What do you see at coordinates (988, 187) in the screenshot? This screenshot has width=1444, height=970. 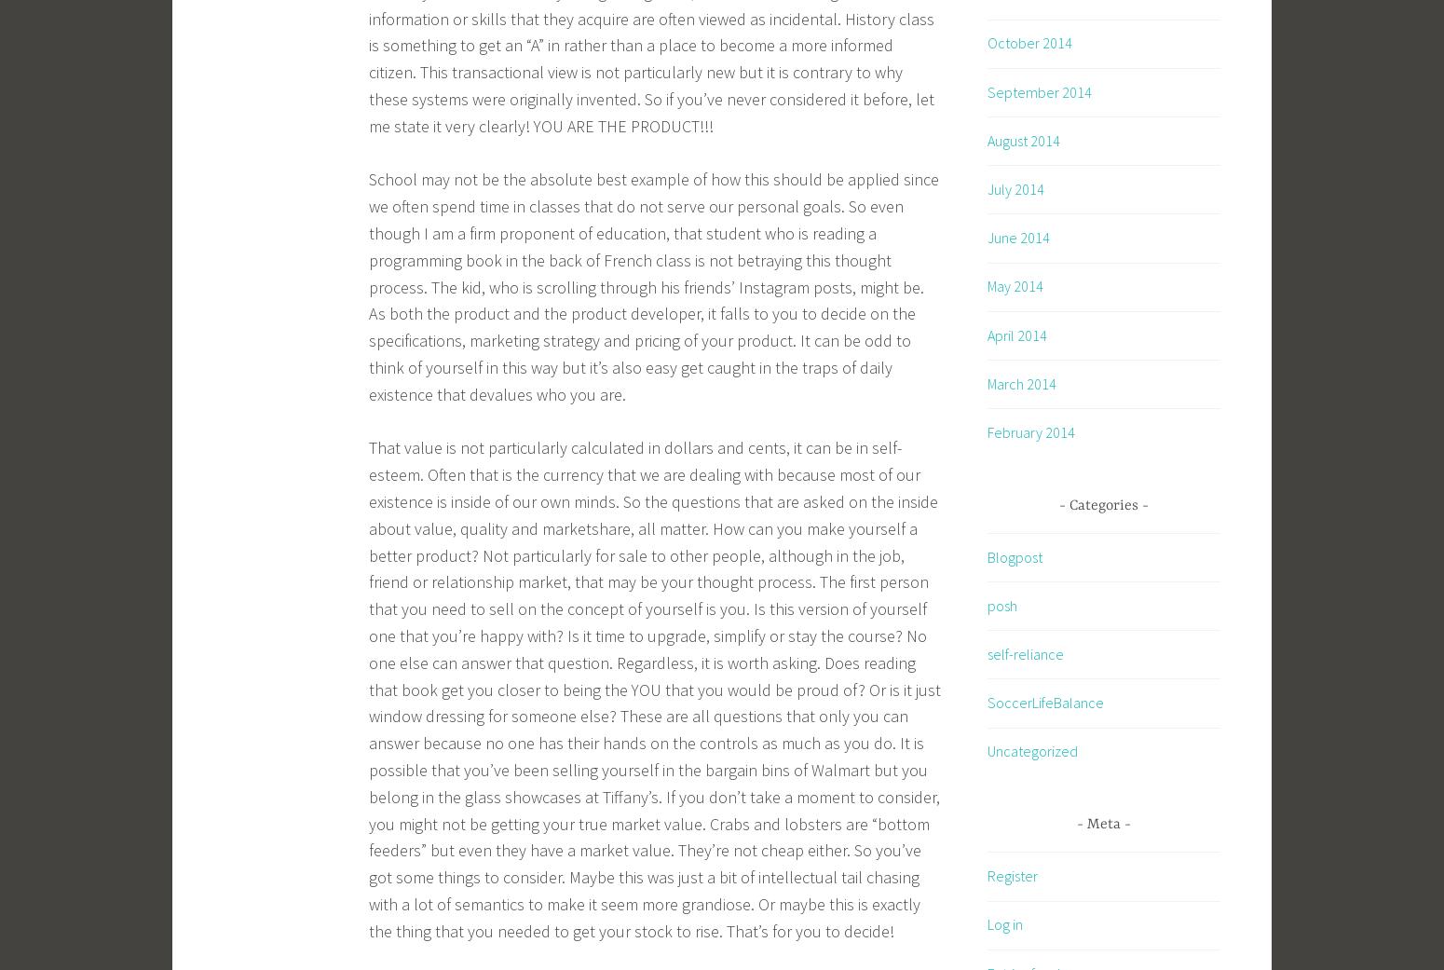 I see `'July 2014'` at bounding box center [988, 187].